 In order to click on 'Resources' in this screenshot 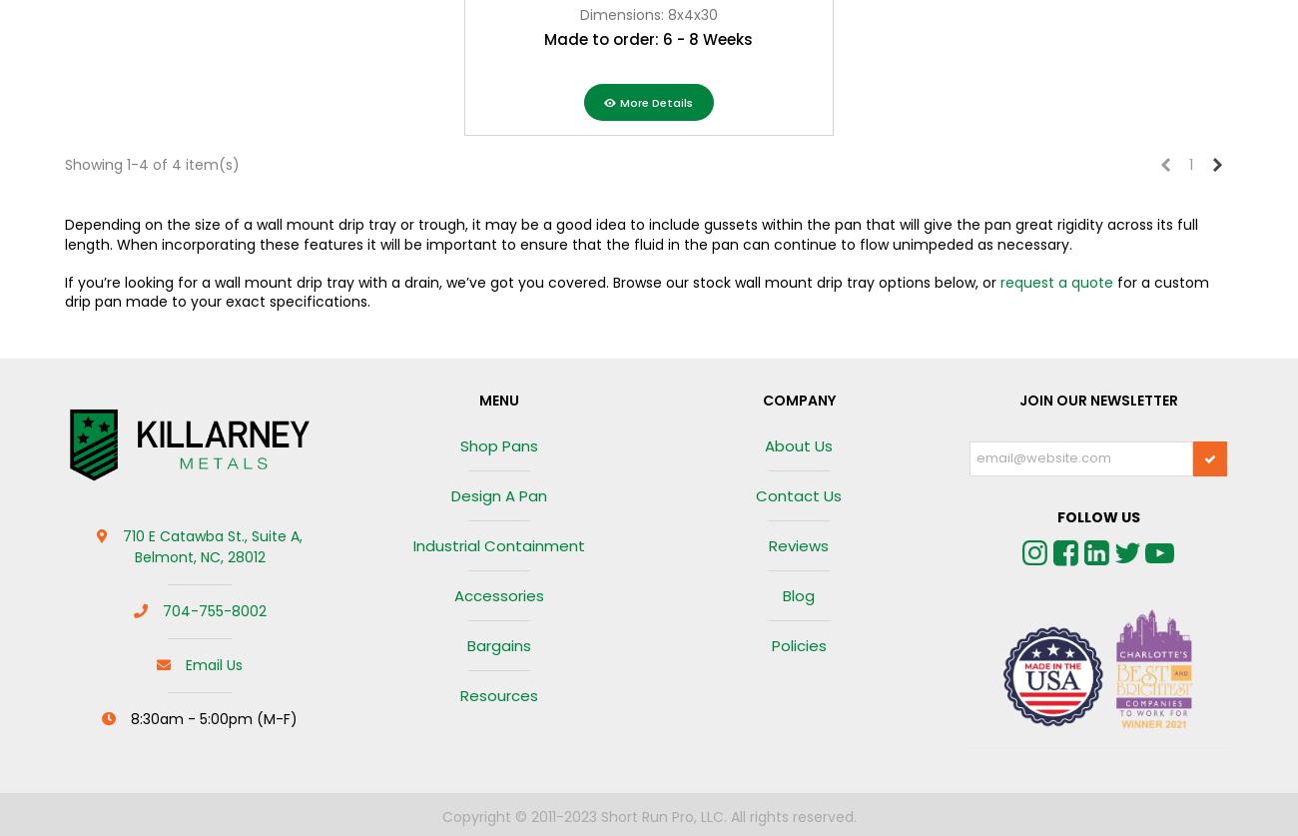, I will do `click(498, 694)`.